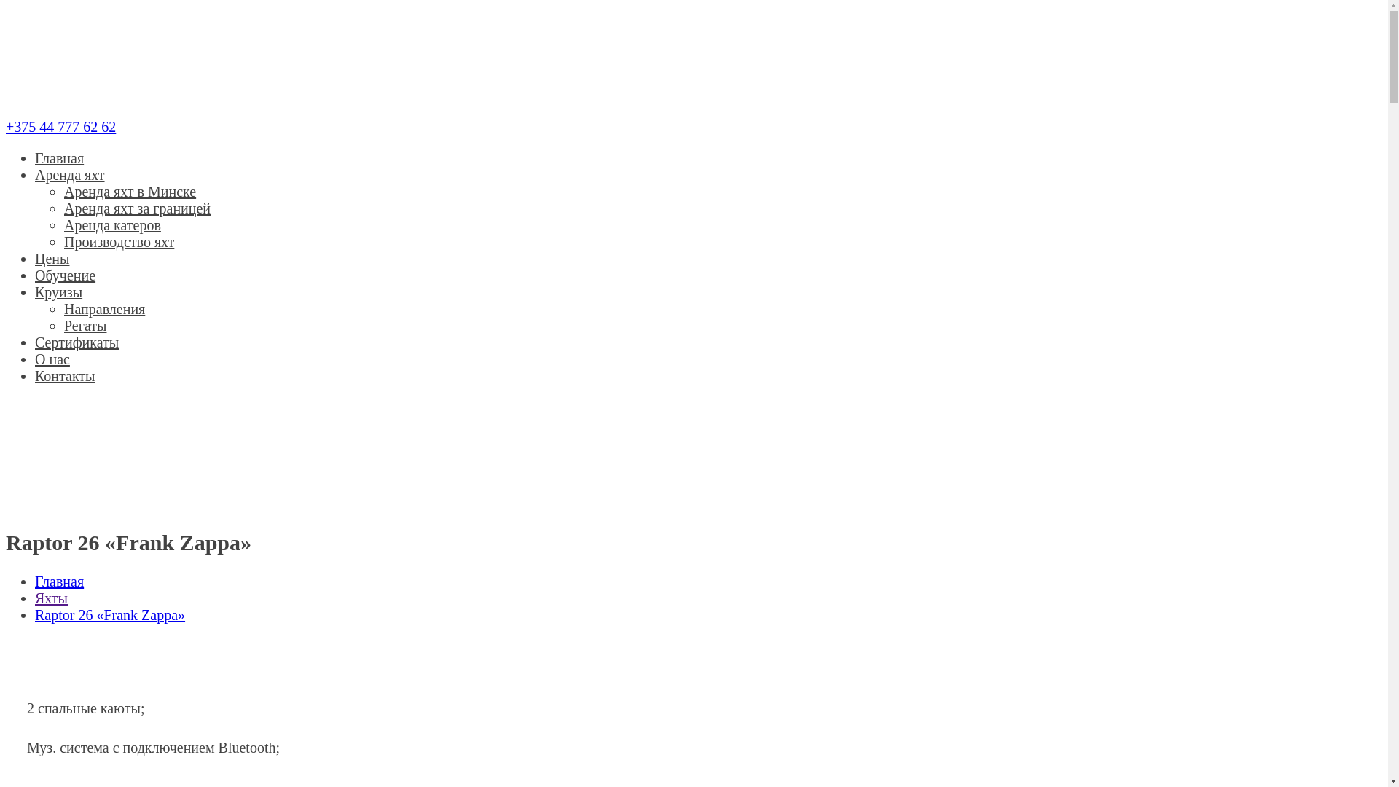  Describe the element at coordinates (60, 125) in the screenshot. I see `'+375 44 777 62 62'` at that location.